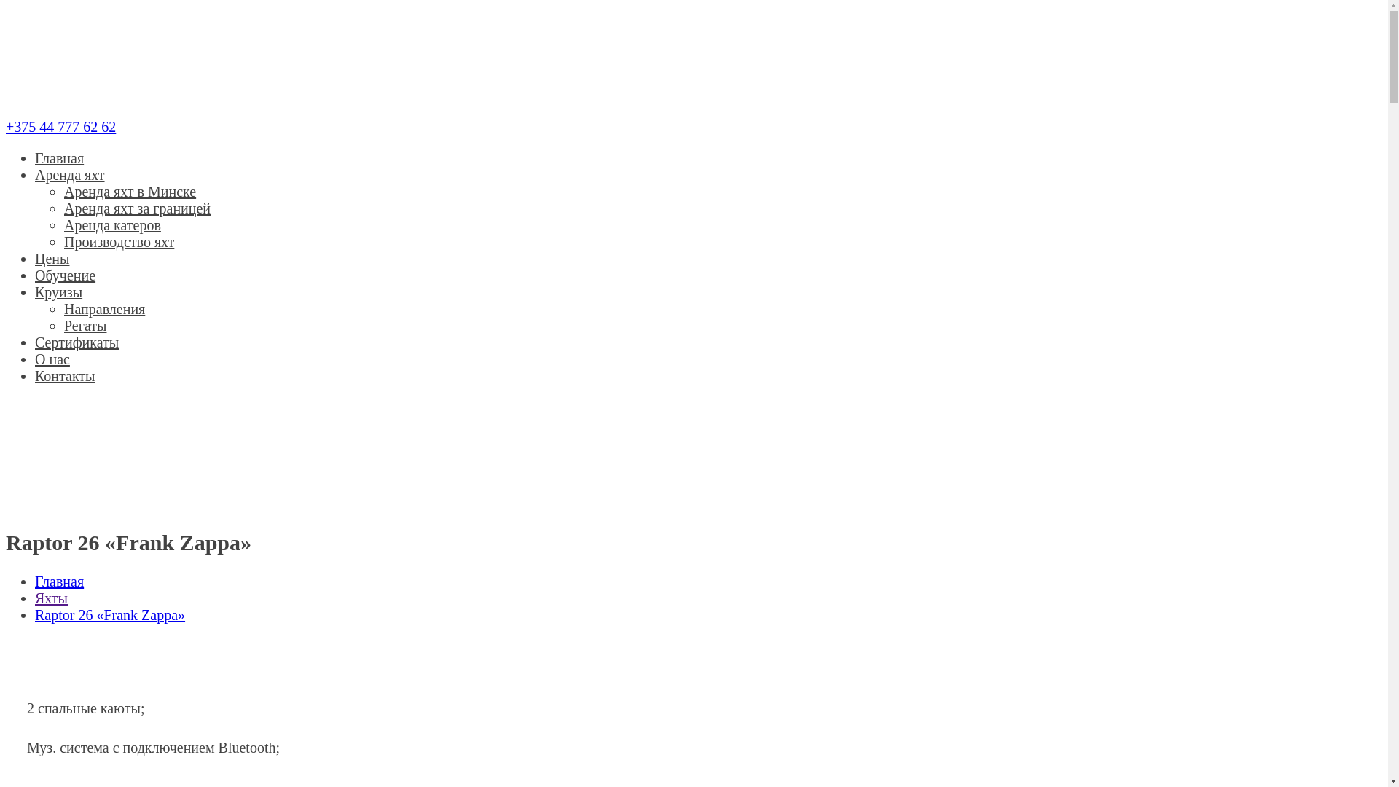  Describe the element at coordinates (60, 125) in the screenshot. I see `'+375 44 777 62 62'` at that location.